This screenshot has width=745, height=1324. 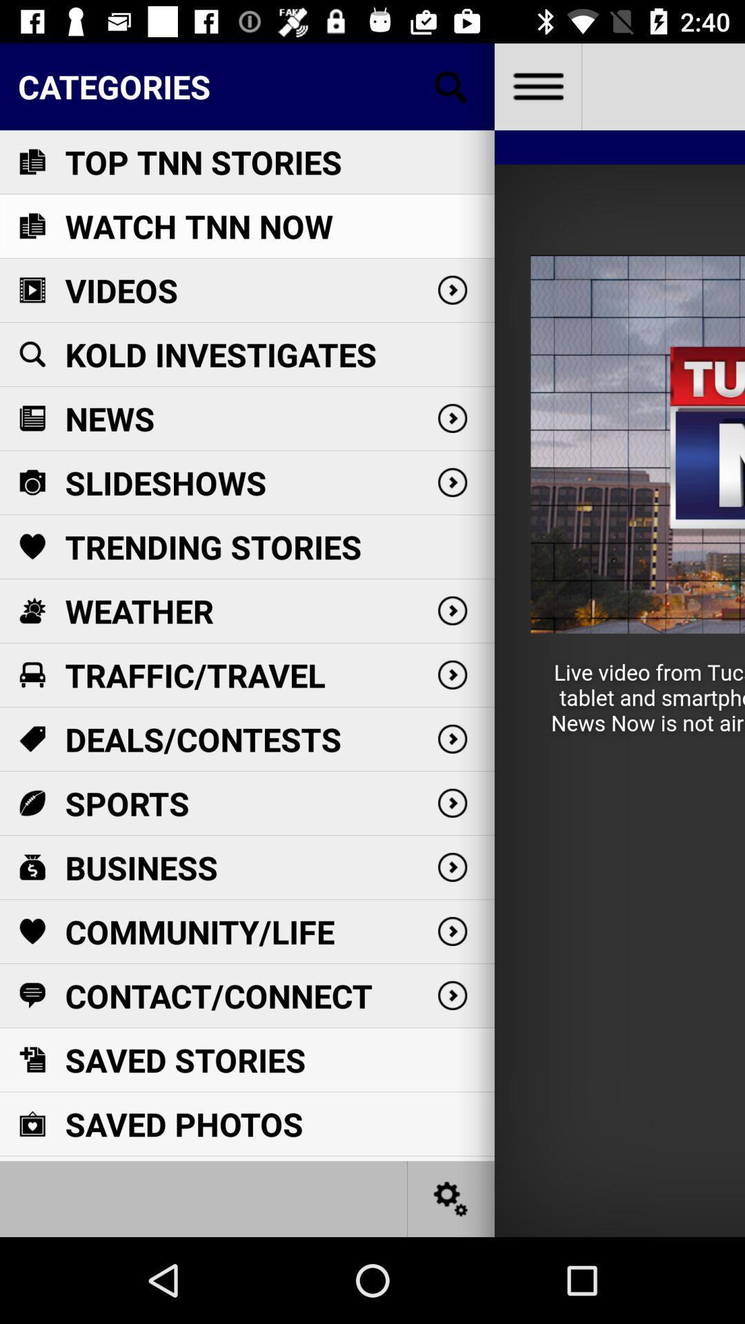 I want to click on the icon of the contactconnect, so click(x=31, y=996).